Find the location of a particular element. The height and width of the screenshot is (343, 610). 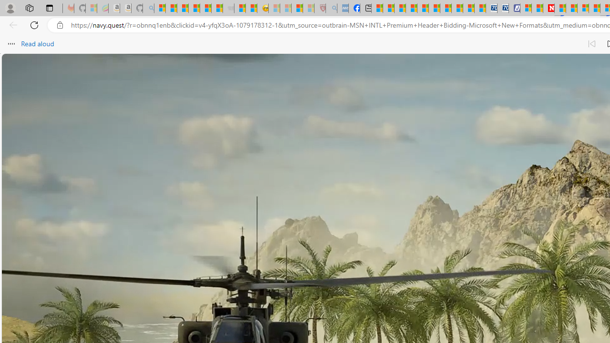

'Climate Damage Becomes Too Severe To Reverse' is located at coordinates (412, 8).